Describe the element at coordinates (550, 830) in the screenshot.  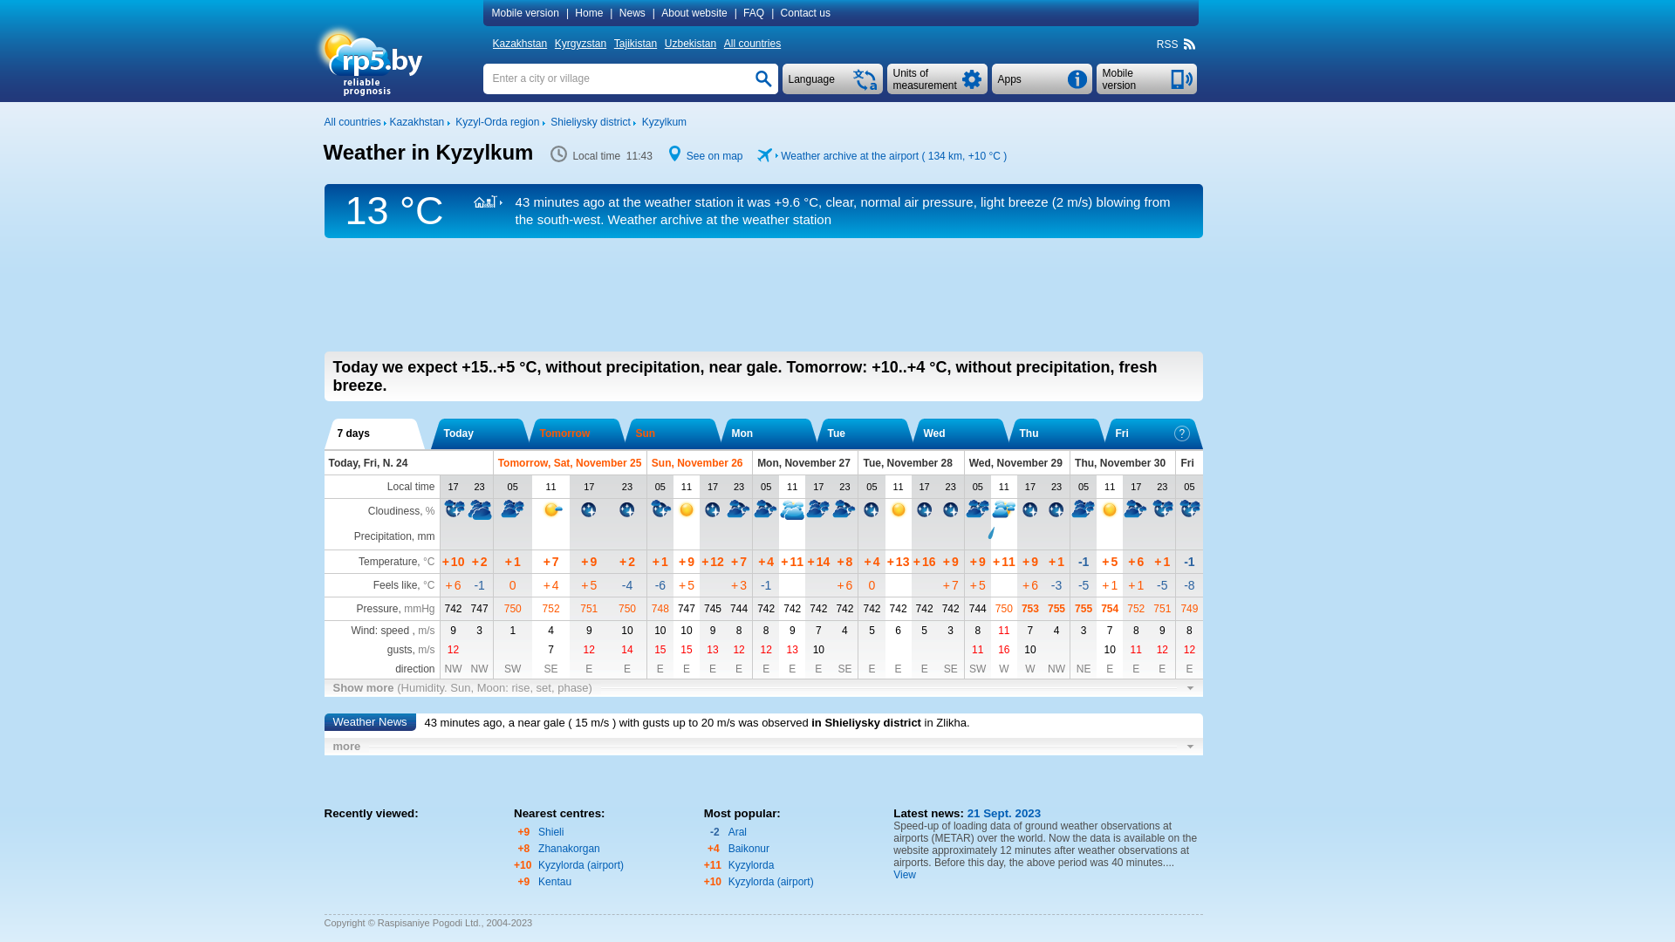
I see `'Shieli'` at that location.